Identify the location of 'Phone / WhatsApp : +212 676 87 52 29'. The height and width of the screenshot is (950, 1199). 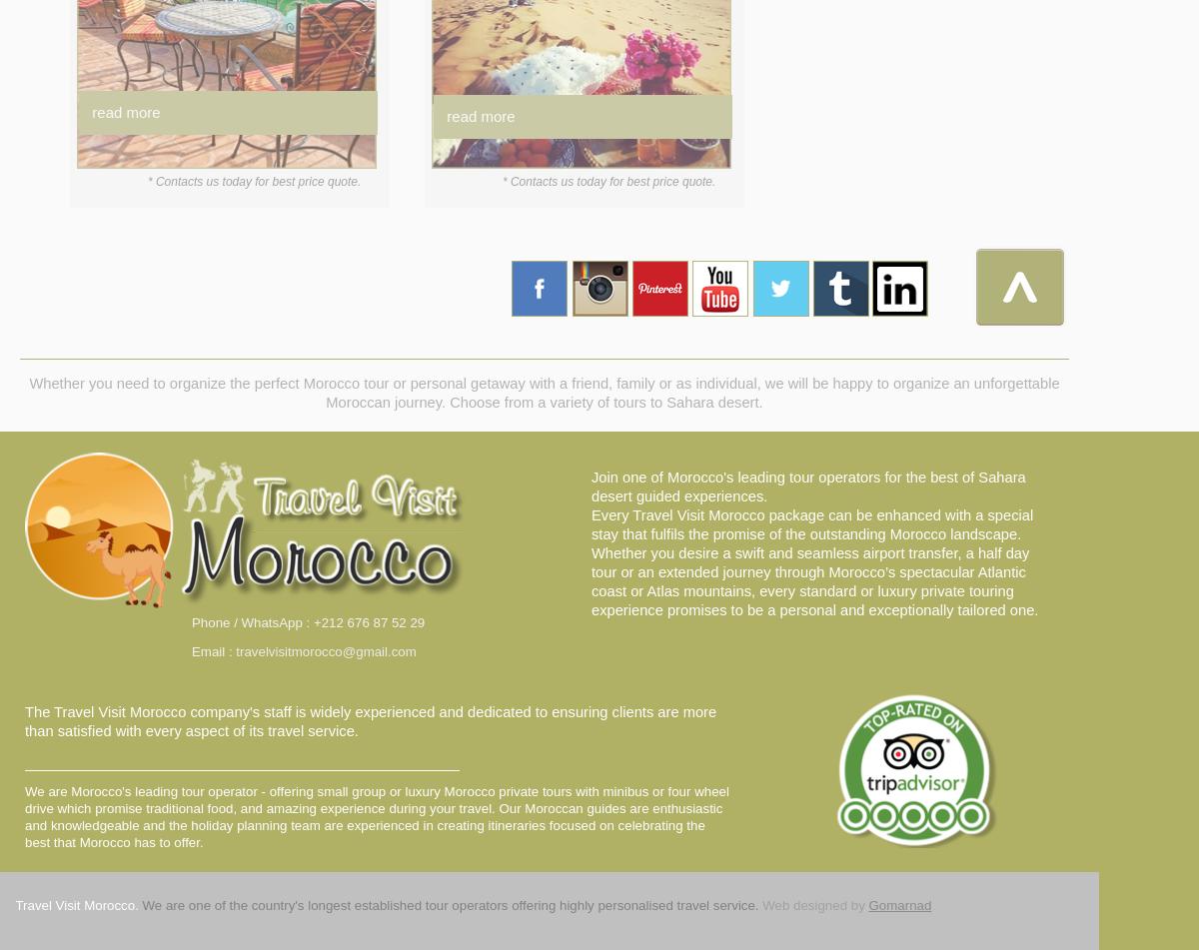
(308, 621).